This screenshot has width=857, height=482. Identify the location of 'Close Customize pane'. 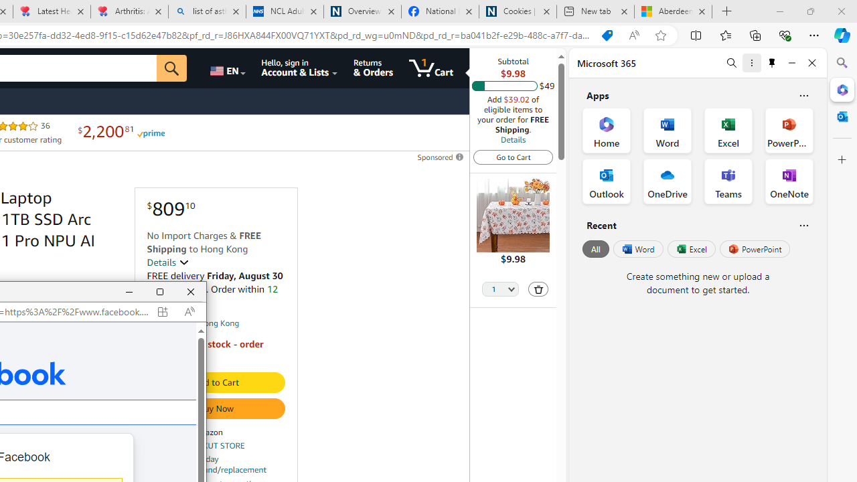
(842, 159).